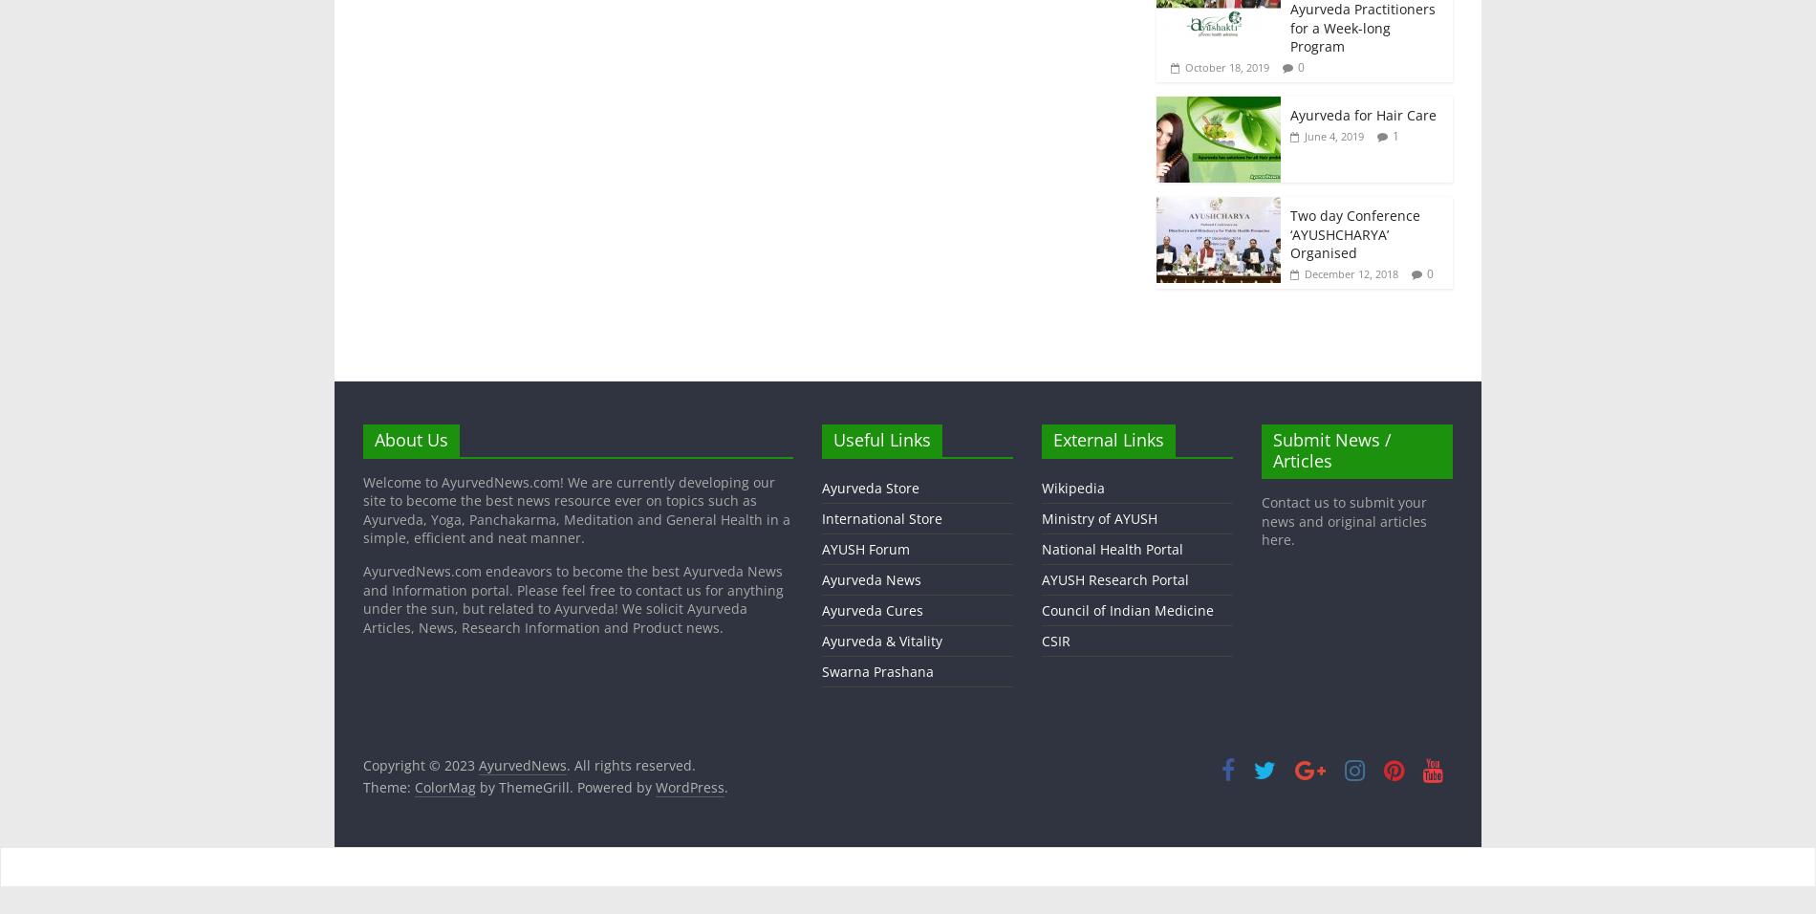  Describe the element at coordinates (1114, 578) in the screenshot. I see `'AYUSH Research Portal'` at that location.